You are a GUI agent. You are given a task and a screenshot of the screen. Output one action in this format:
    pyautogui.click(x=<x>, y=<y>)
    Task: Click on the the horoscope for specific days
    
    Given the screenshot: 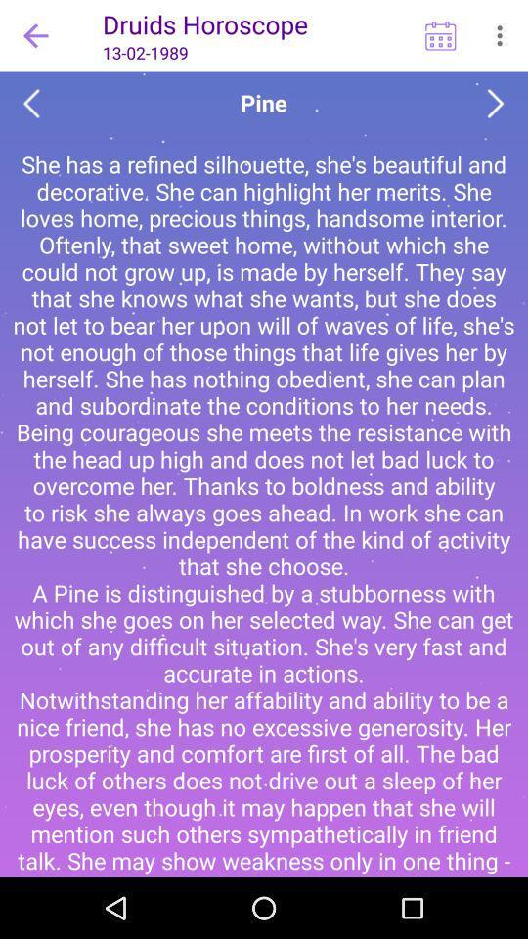 What is the action you would take?
    pyautogui.click(x=440, y=34)
    